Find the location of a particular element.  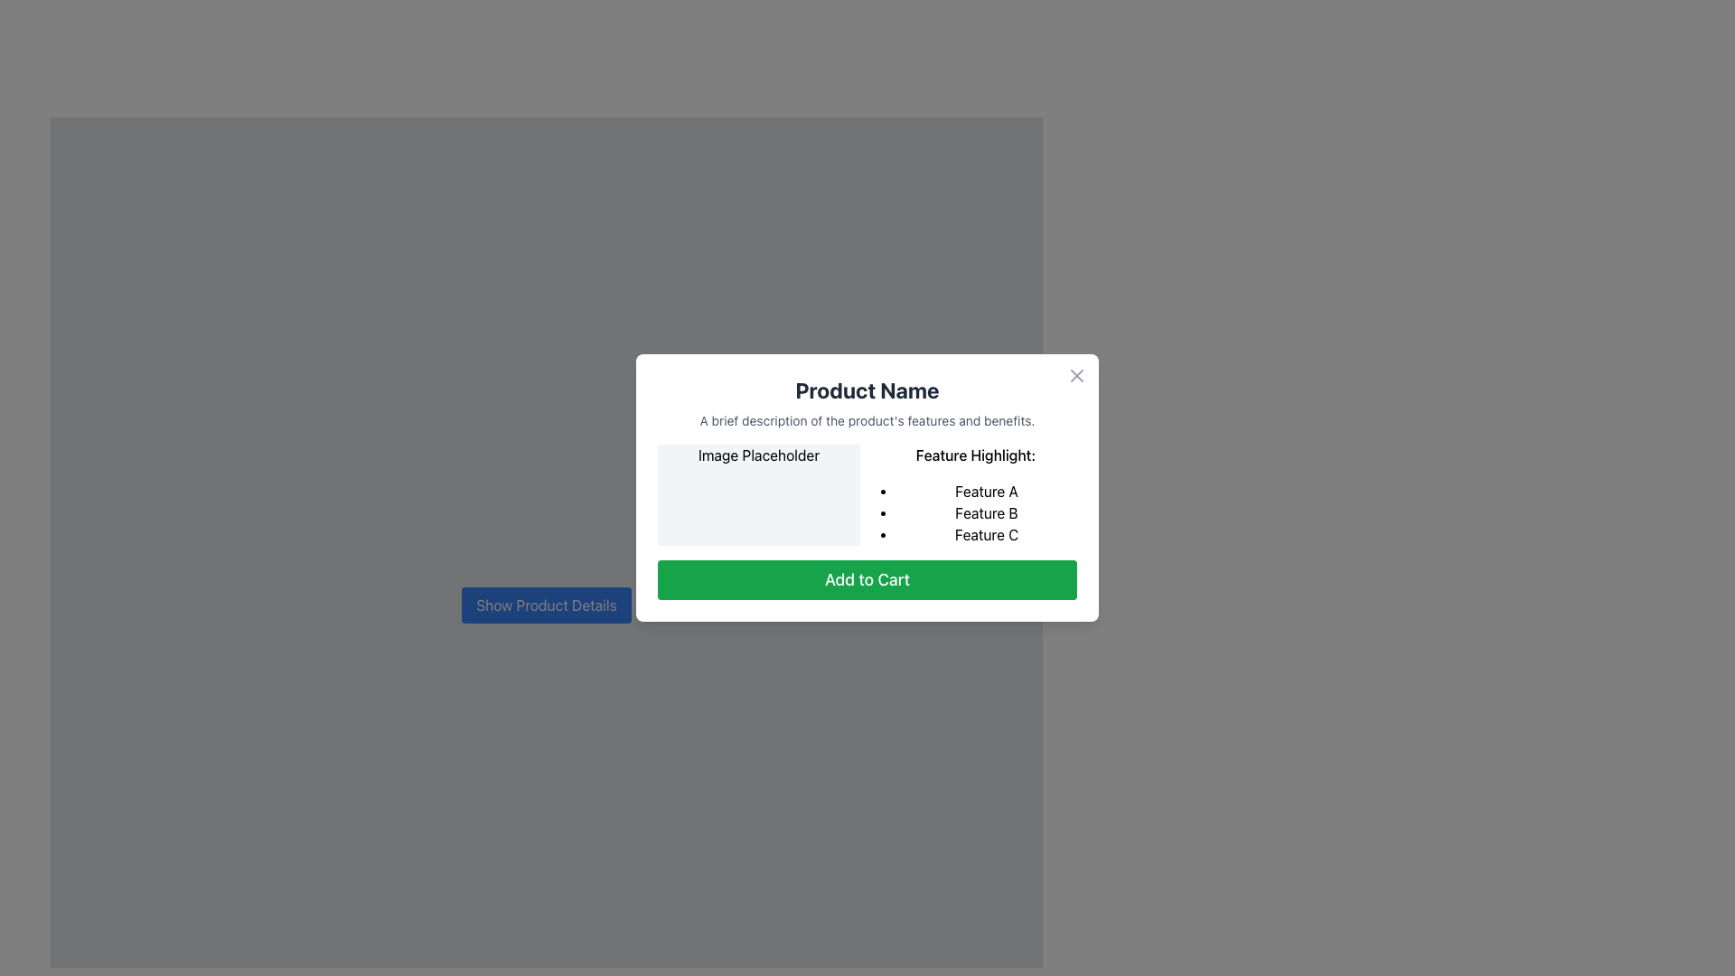

the text display with bullet points that presents key features of the product in the dialog box, positioned in the right column adjacent to the image placeholder is located at coordinates (975, 494).